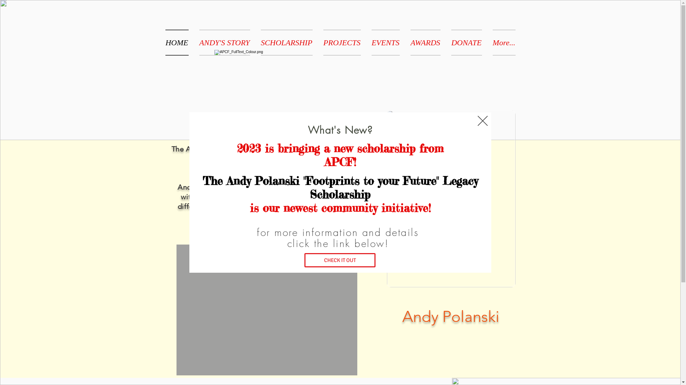  What do you see at coordinates (194, 42) in the screenshot?
I see `'ANDY'S STORY'` at bounding box center [194, 42].